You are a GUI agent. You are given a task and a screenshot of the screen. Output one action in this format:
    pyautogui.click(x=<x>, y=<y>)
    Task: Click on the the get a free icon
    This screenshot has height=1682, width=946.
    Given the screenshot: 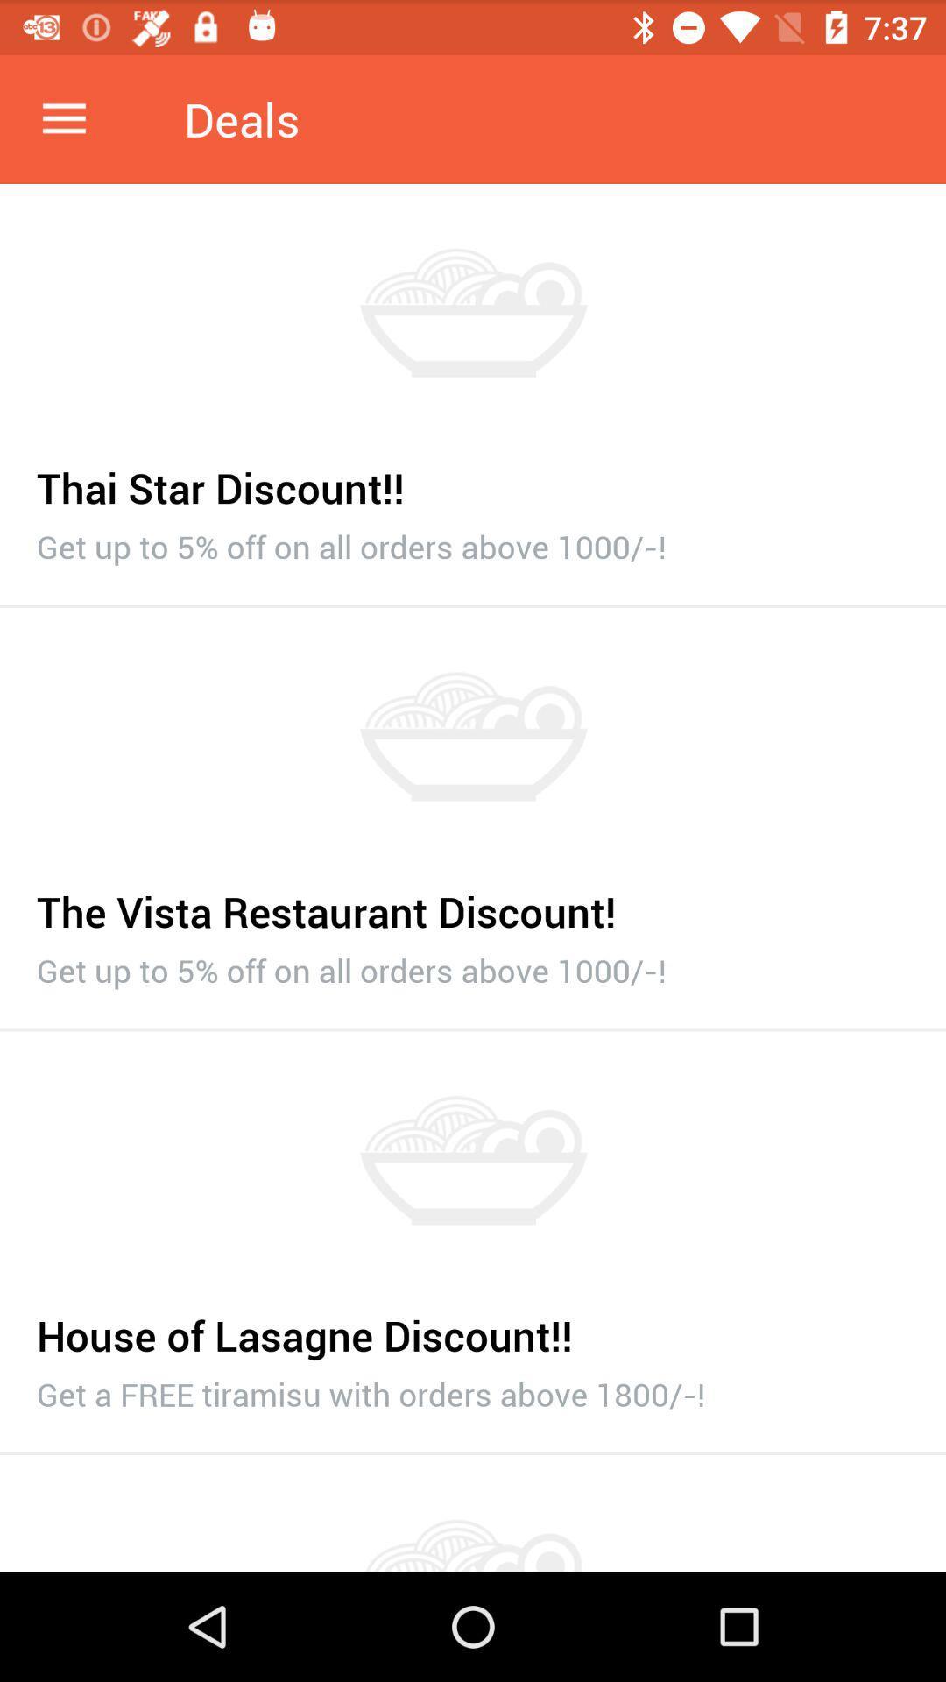 What is the action you would take?
    pyautogui.click(x=473, y=1389)
    